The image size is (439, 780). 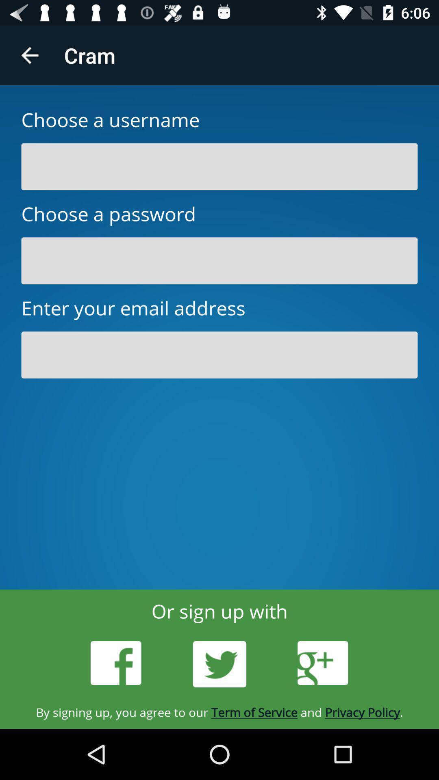 What do you see at coordinates (219, 166) in the screenshot?
I see `choose a username` at bounding box center [219, 166].